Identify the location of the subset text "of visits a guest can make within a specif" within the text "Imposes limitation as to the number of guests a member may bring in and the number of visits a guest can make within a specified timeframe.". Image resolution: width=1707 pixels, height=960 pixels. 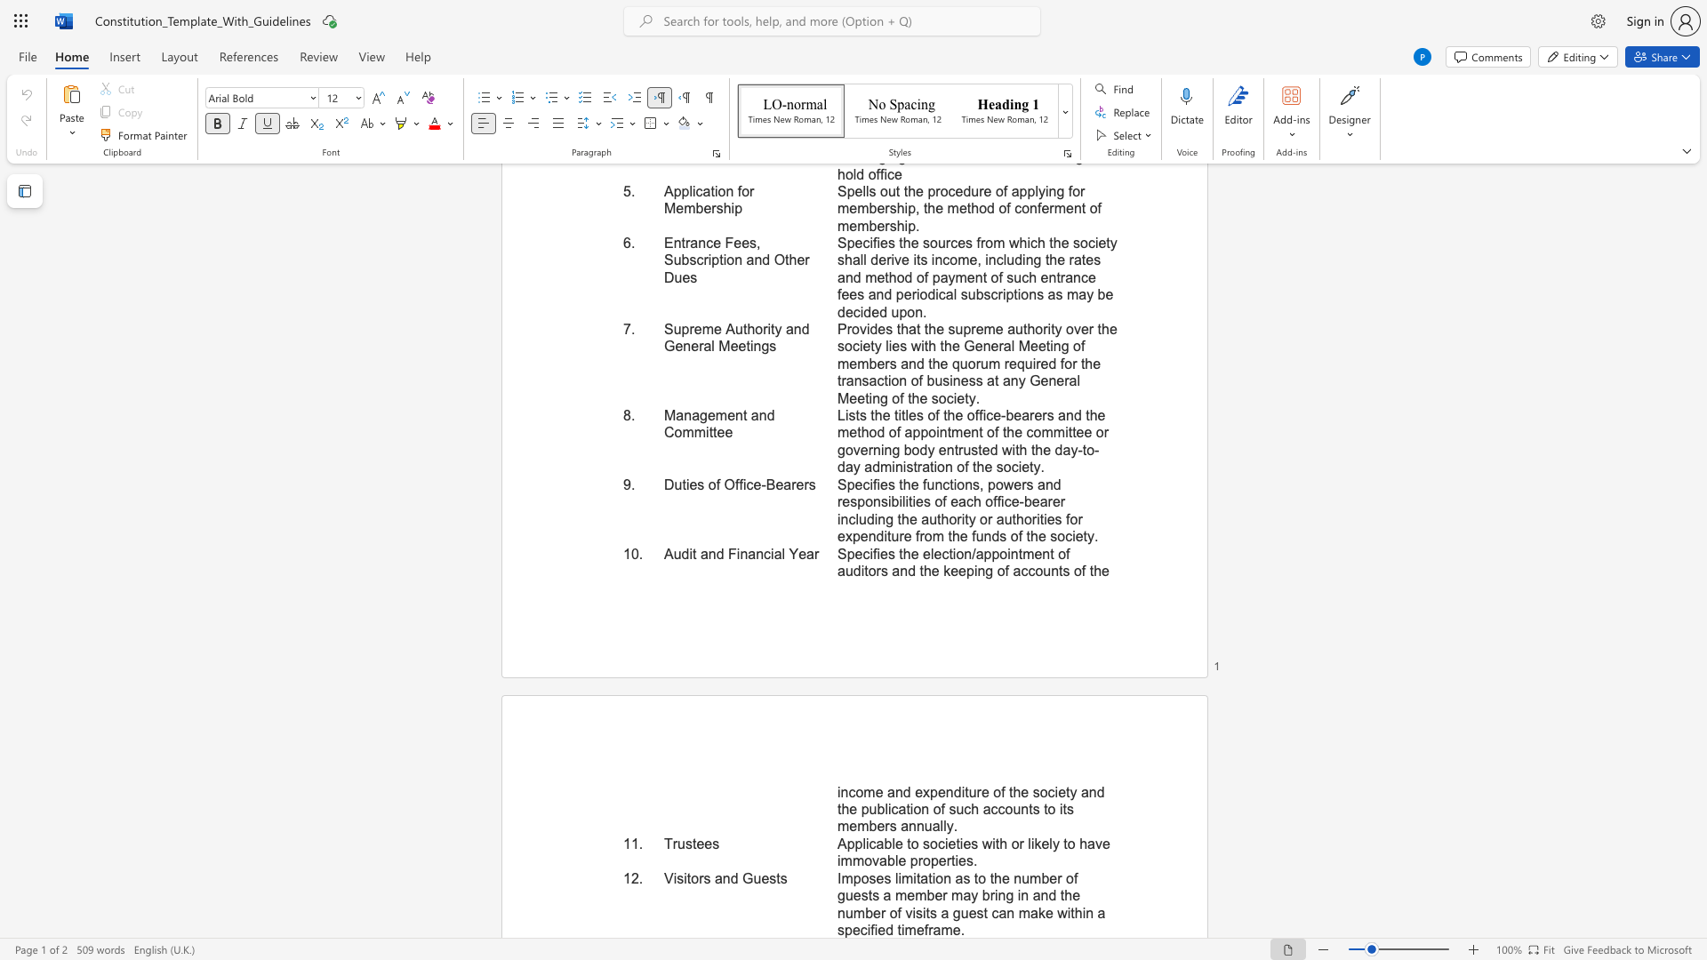
(889, 913).